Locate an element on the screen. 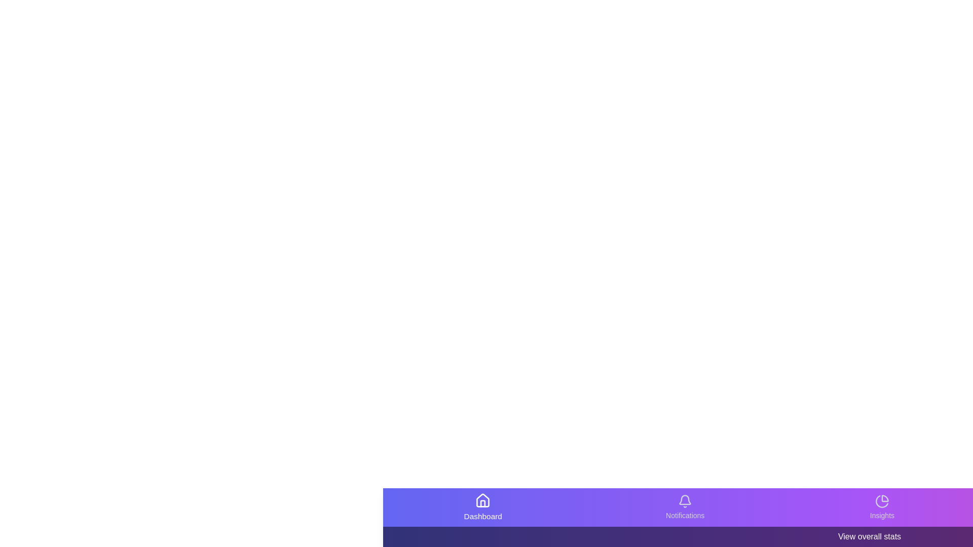 The height and width of the screenshot is (547, 973). the Notifications navigation item in the bottom navigation bar is located at coordinates (685, 507).